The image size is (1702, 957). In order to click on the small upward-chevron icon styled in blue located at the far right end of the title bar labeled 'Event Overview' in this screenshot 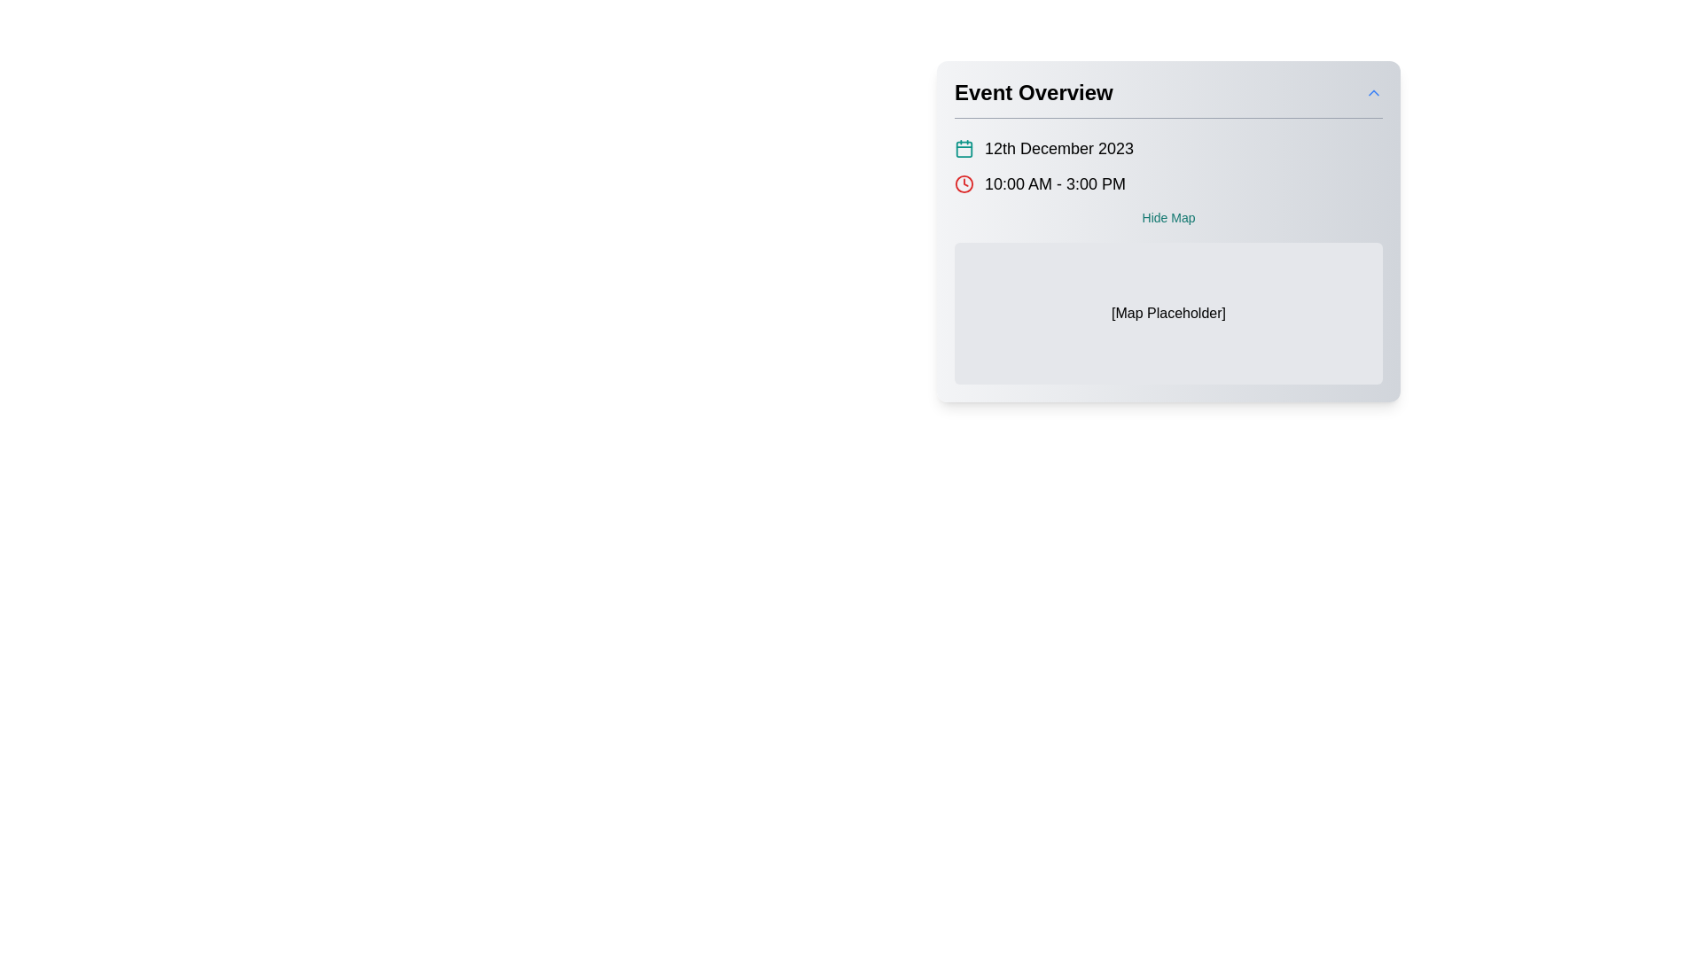, I will do `click(1373, 92)`.